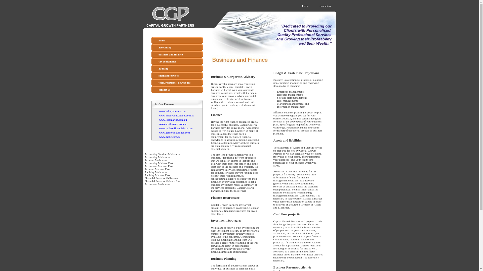 This screenshot has width=483, height=271. Describe the element at coordinates (162, 40) in the screenshot. I see `'home'` at that location.